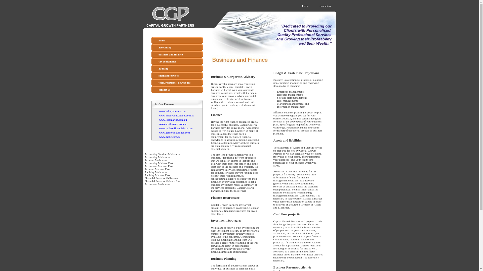 This screenshot has width=483, height=271. Describe the element at coordinates (162, 40) in the screenshot. I see `'home'` at that location.